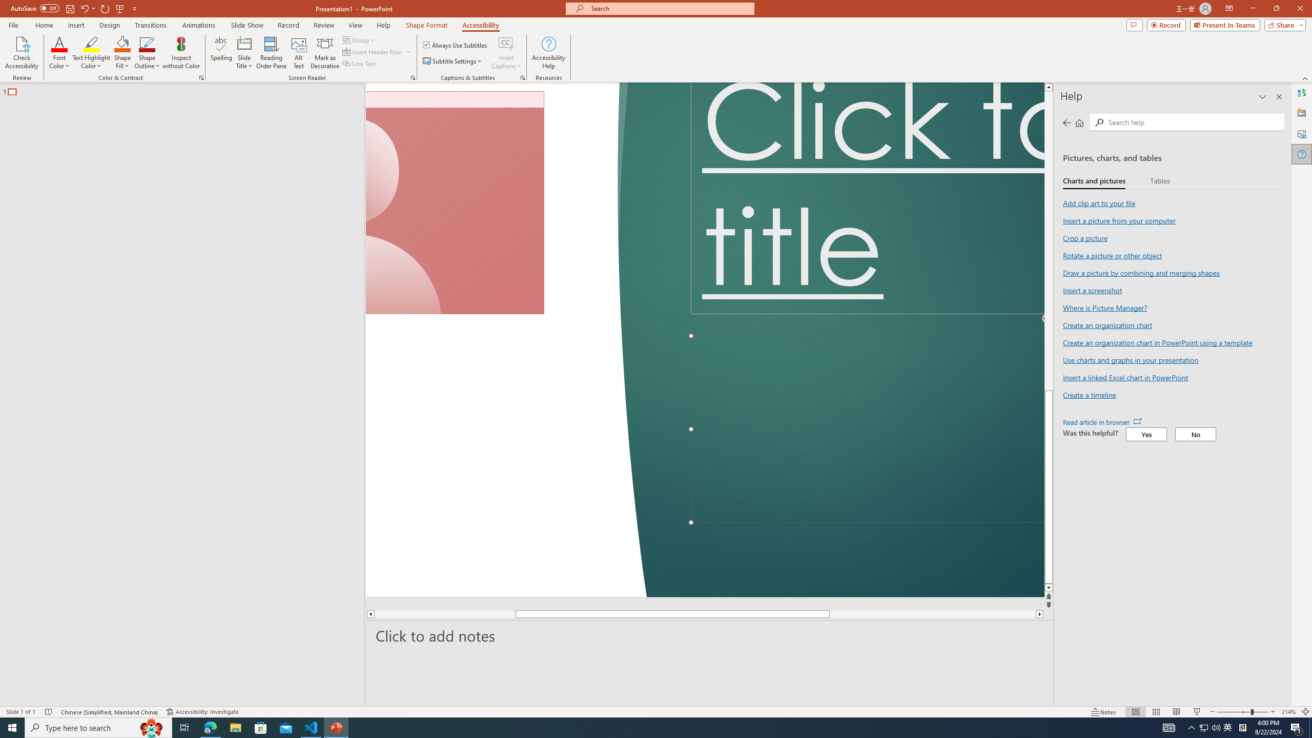 This screenshot has width=1312, height=738. Describe the element at coordinates (1141, 273) in the screenshot. I see `'Draw a picture by combining and merging shapes'` at that location.